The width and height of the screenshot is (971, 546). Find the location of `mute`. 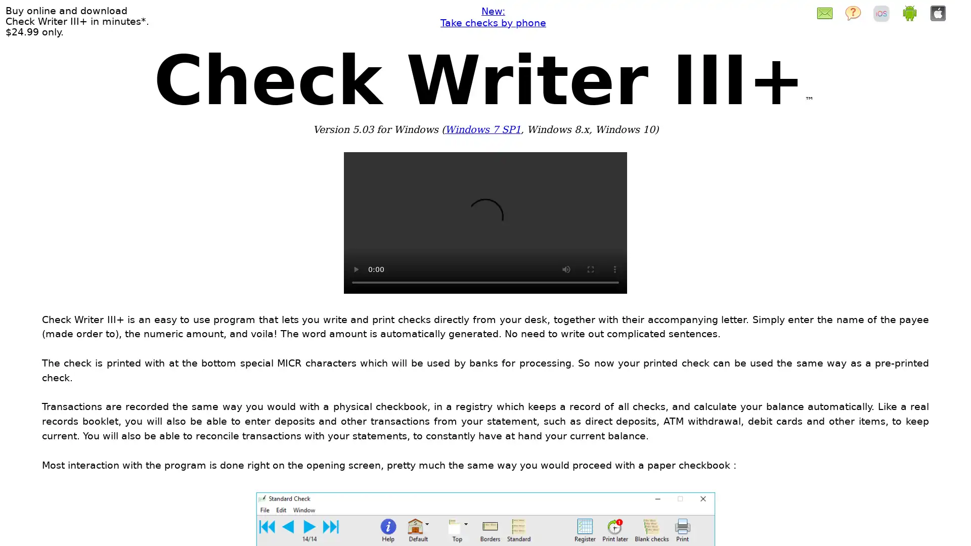

mute is located at coordinates (565, 268).